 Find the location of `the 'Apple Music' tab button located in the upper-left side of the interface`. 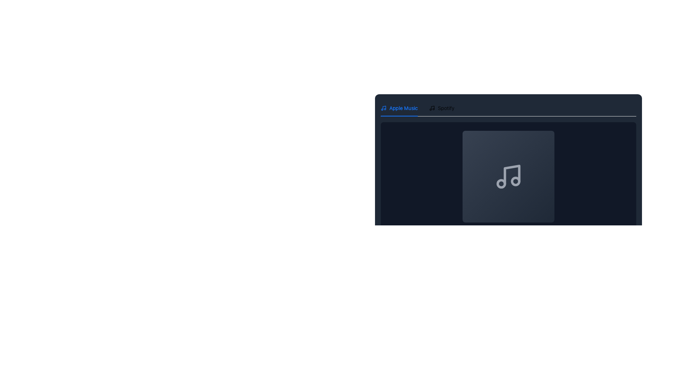

the 'Apple Music' tab button located in the upper-left side of the interface is located at coordinates (399, 108).